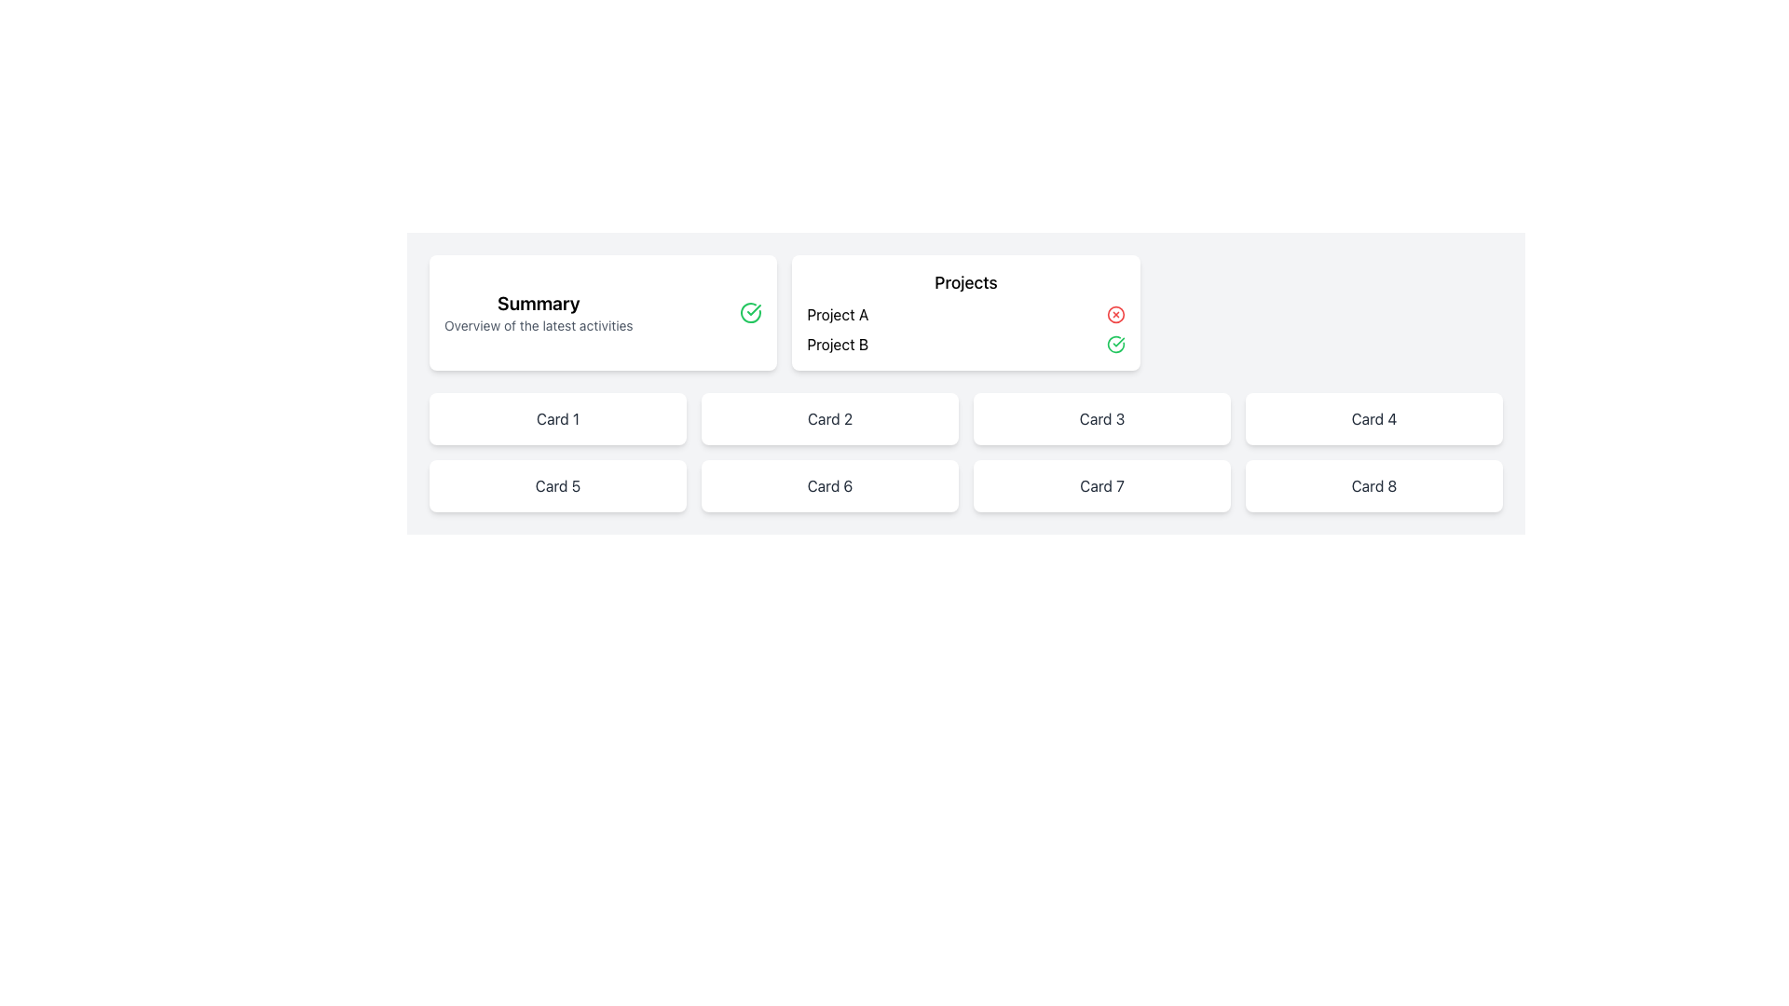 The height and width of the screenshot is (1006, 1789). What do you see at coordinates (1101, 484) in the screenshot?
I see `'Card 7', the seventh card in the grid layout` at bounding box center [1101, 484].